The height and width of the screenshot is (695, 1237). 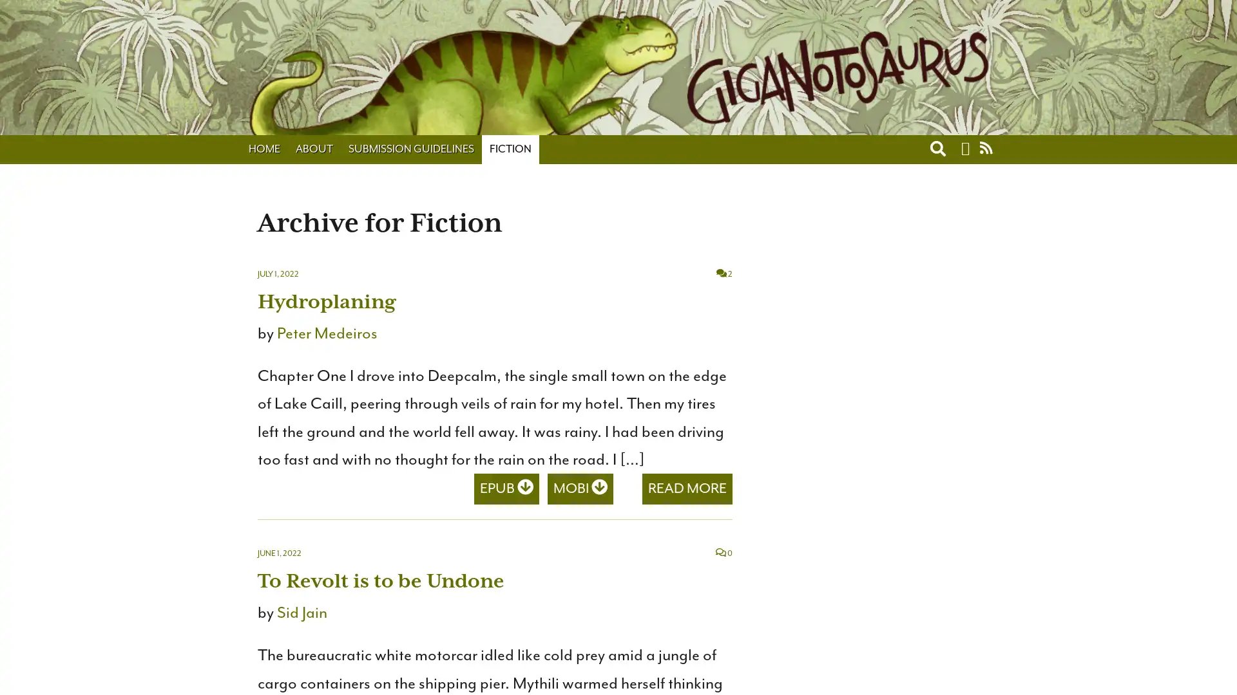 What do you see at coordinates (931, 148) in the screenshot?
I see `Toggle search` at bounding box center [931, 148].